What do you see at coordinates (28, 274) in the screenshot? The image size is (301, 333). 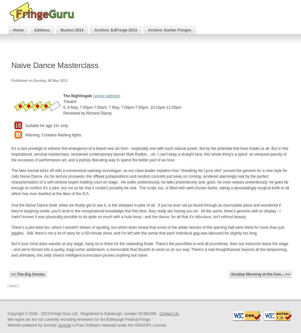 I see `'<< The Big Smoke'` at bounding box center [28, 274].